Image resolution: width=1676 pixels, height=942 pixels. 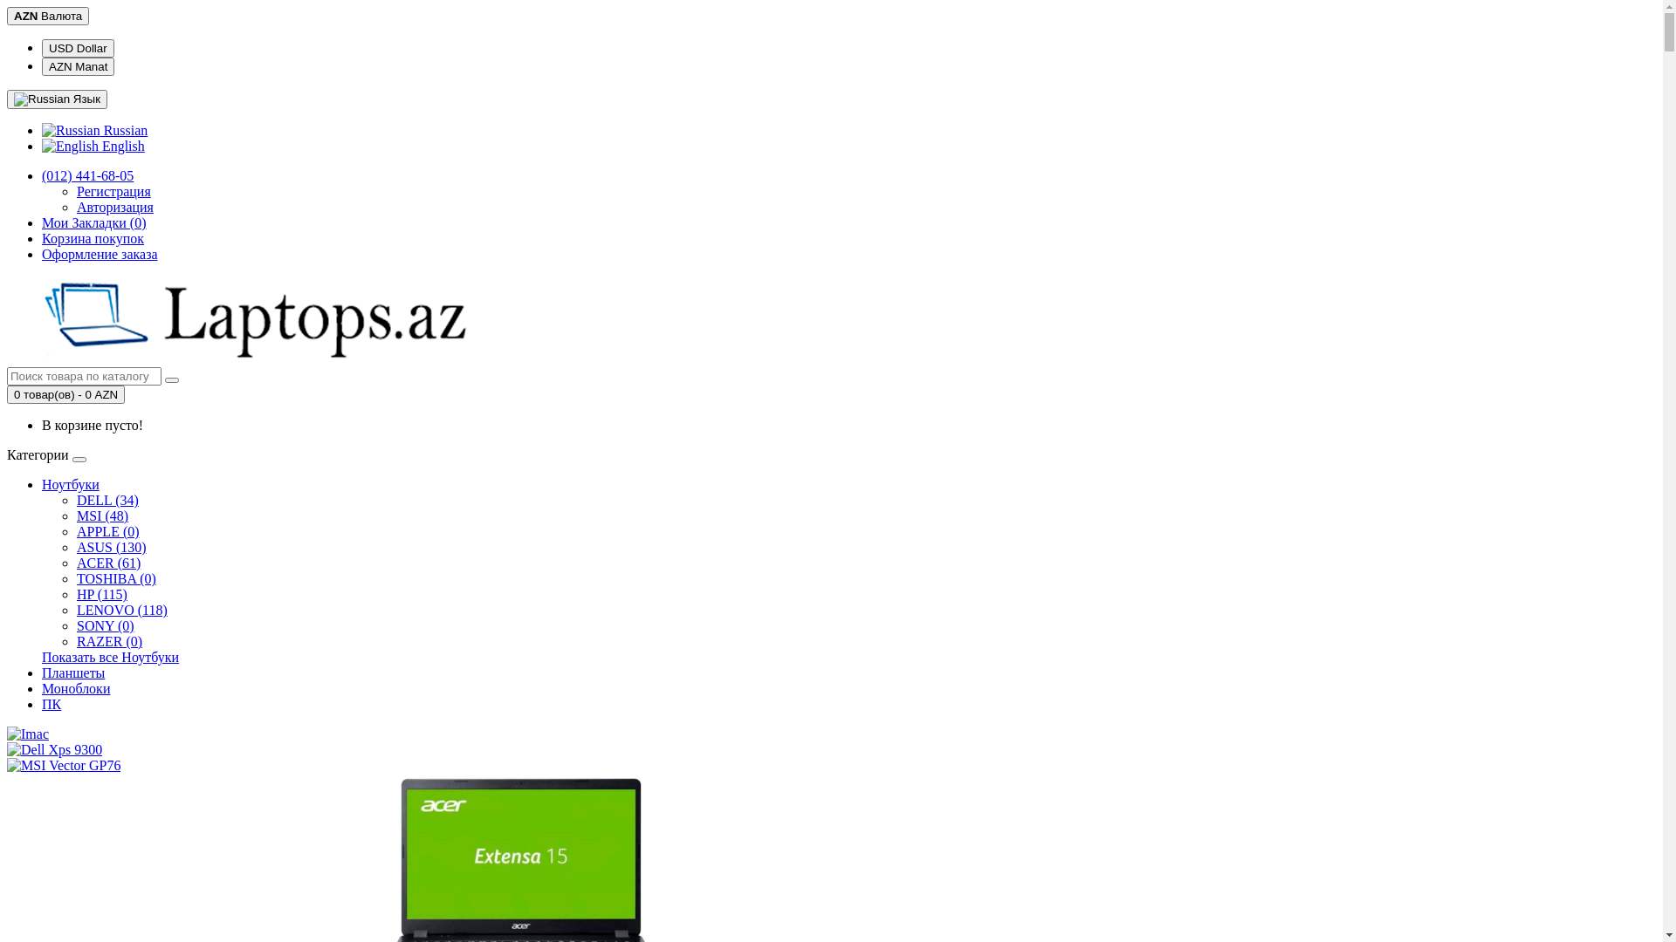 I want to click on 'RAZER (0)', so click(x=108, y=641).